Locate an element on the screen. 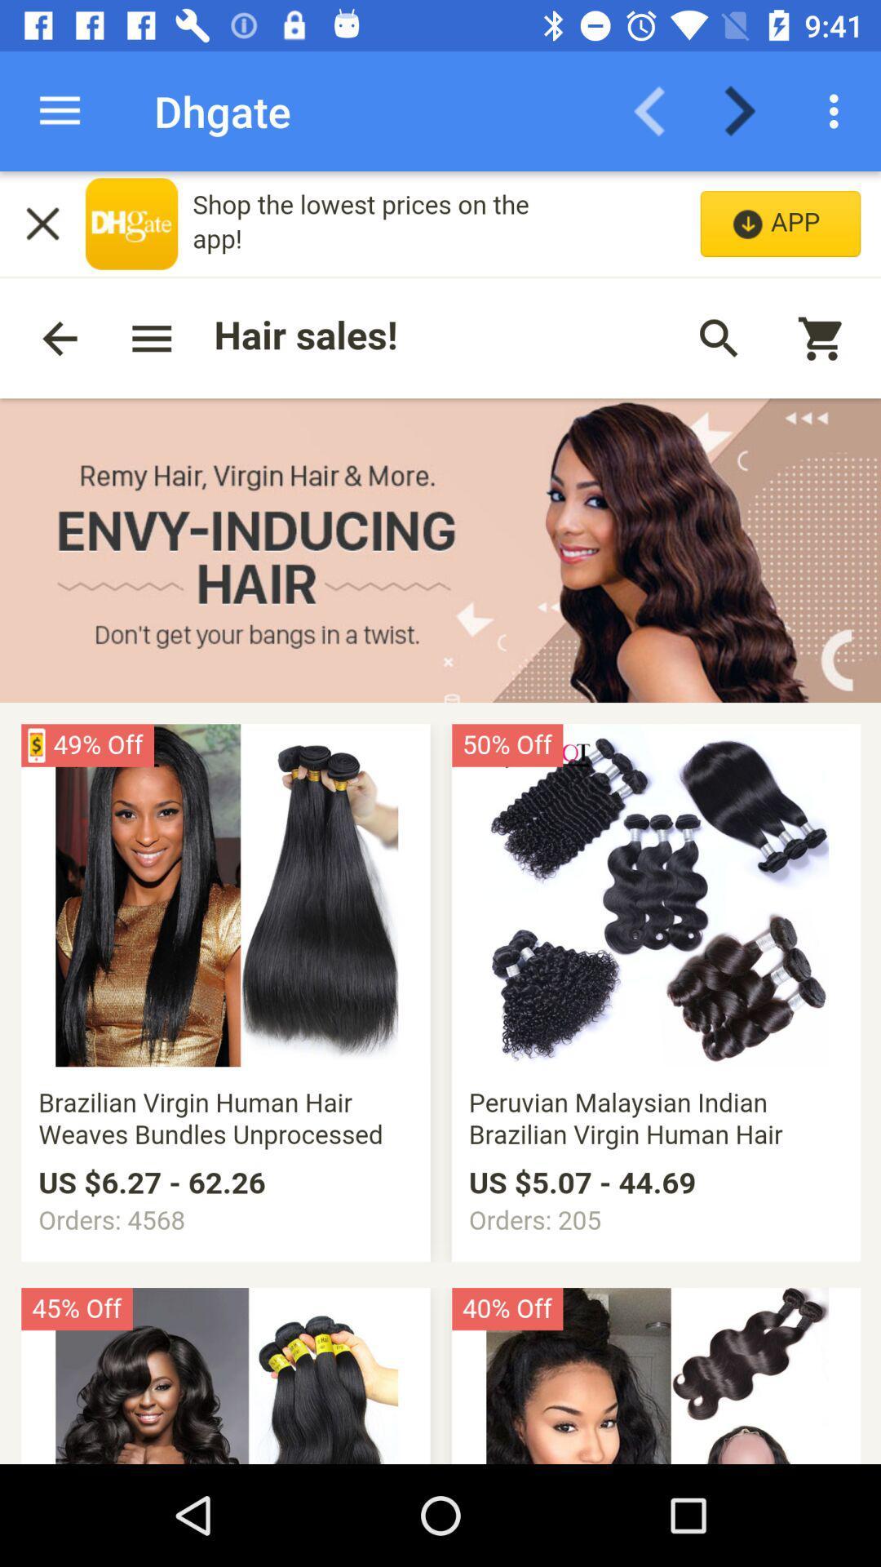  next page is located at coordinates (750, 110).